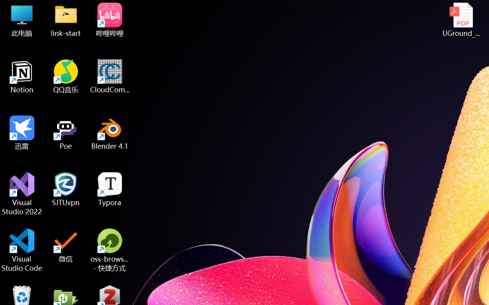 The height and width of the screenshot is (305, 489). What do you see at coordinates (110, 189) in the screenshot?
I see `'Typora'` at bounding box center [110, 189].